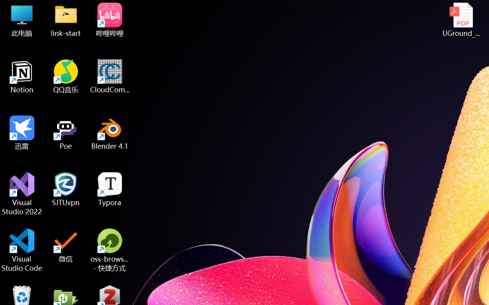 The height and width of the screenshot is (305, 489). What do you see at coordinates (110, 189) in the screenshot?
I see `'Typora'` at bounding box center [110, 189].